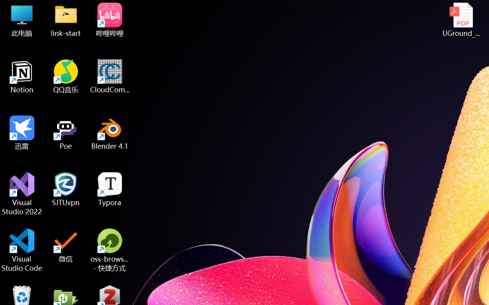 The height and width of the screenshot is (305, 489). What do you see at coordinates (110, 189) in the screenshot?
I see `'Typora'` at bounding box center [110, 189].